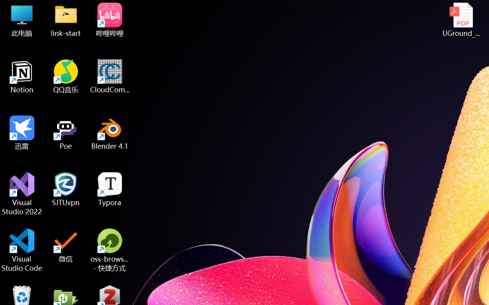 The height and width of the screenshot is (305, 489). What do you see at coordinates (110, 189) in the screenshot?
I see `'Typora'` at bounding box center [110, 189].